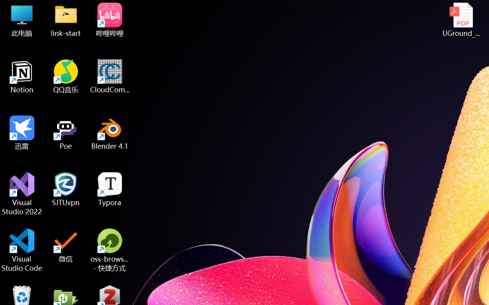 The height and width of the screenshot is (305, 489). What do you see at coordinates (110, 189) in the screenshot?
I see `'Typora'` at bounding box center [110, 189].